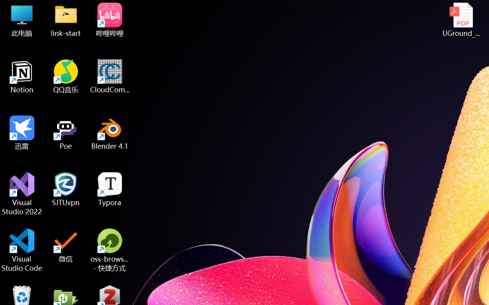 The height and width of the screenshot is (305, 489). What do you see at coordinates (110, 189) in the screenshot?
I see `'Typora'` at bounding box center [110, 189].